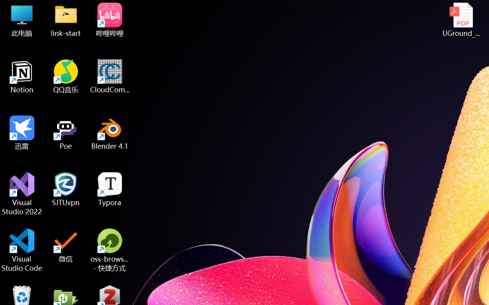 The height and width of the screenshot is (305, 489). What do you see at coordinates (110, 189) in the screenshot?
I see `'Typora'` at bounding box center [110, 189].